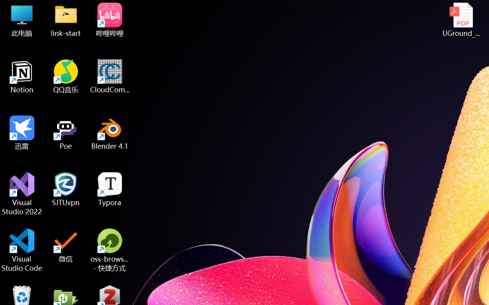 The height and width of the screenshot is (305, 489). What do you see at coordinates (110, 189) in the screenshot?
I see `'Typora'` at bounding box center [110, 189].